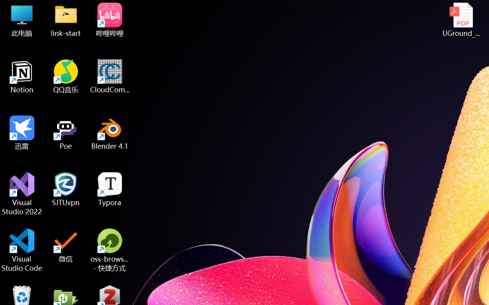 The height and width of the screenshot is (305, 489). What do you see at coordinates (110, 189) in the screenshot?
I see `'Typora'` at bounding box center [110, 189].